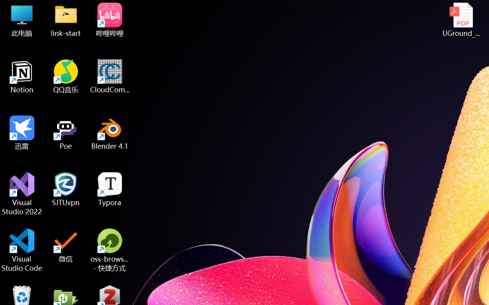 The height and width of the screenshot is (305, 489). What do you see at coordinates (110, 189) in the screenshot?
I see `'Typora'` at bounding box center [110, 189].